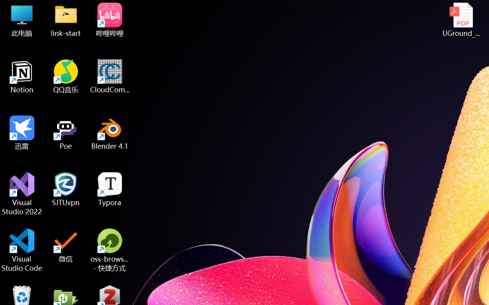 The height and width of the screenshot is (305, 489). What do you see at coordinates (110, 189) in the screenshot?
I see `'Typora'` at bounding box center [110, 189].